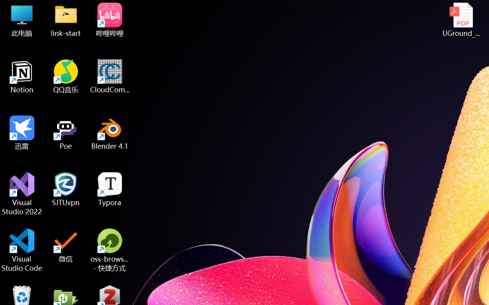 The height and width of the screenshot is (305, 489). What do you see at coordinates (110, 189) in the screenshot?
I see `'Typora'` at bounding box center [110, 189].